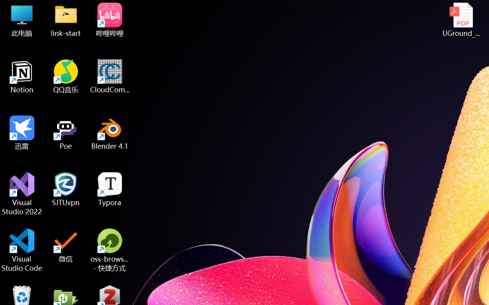 The height and width of the screenshot is (305, 489). What do you see at coordinates (110, 189) in the screenshot?
I see `'Typora'` at bounding box center [110, 189].